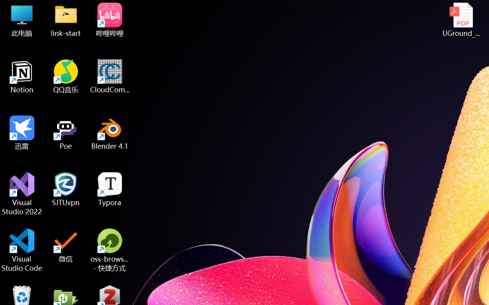 The height and width of the screenshot is (305, 489). What do you see at coordinates (110, 189) in the screenshot?
I see `'Typora'` at bounding box center [110, 189].